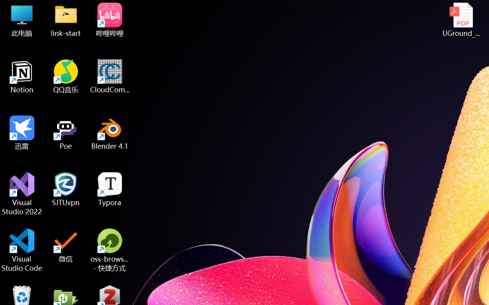 The height and width of the screenshot is (305, 489). What do you see at coordinates (110, 189) in the screenshot?
I see `'Typora'` at bounding box center [110, 189].